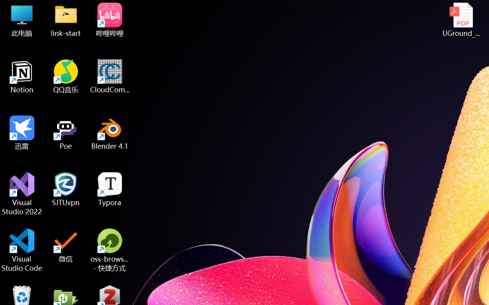 The height and width of the screenshot is (305, 489). What do you see at coordinates (110, 189) in the screenshot?
I see `'Typora'` at bounding box center [110, 189].